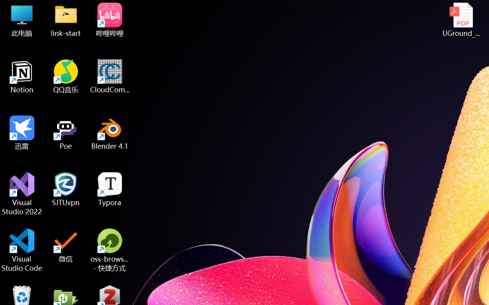 The height and width of the screenshot is (305, 489). What do you see at coordinates (110, 189) in the screenshot?
I see `'Typora'` at bounding box center [110, 189].